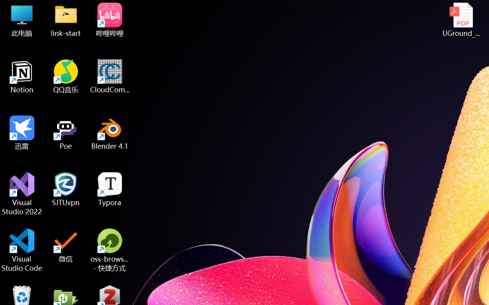 The height and width of the screenshot is (305, 489). What do you see at coordinates (110, 189) in the screenshot?
I see `'Typora'` at bounding box center [110, 189].